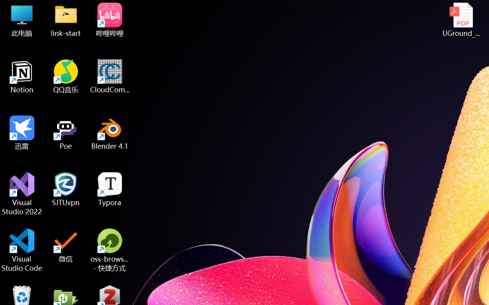 The height and width of the screenshot is (305, 489). What do you see at coordinates (110, 189) in the screenshot?
I see `'Typora'` at bounding box center [110, 189].